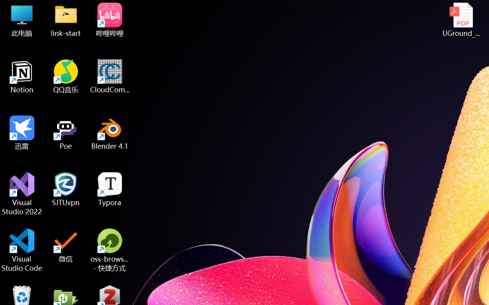 The height and width of the screenshot is (305, 489). What do you see at coordinates (110, 189) in the screenshot?
I see `'Typora'` at bounding box center [110, 189].